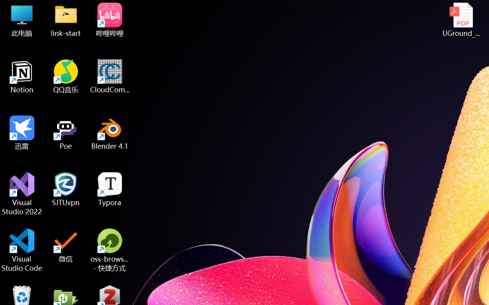 The height and width of the screenshot is (305, 489). What do you see at coordinates (110, 189) in the screenshot?
I see `'Typora'` at bounding box center [110, 189].